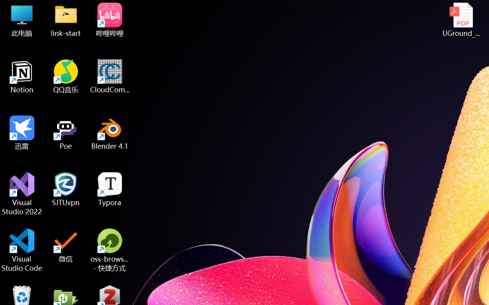 The height and width of the screenshot is (305, 489). What do you see at coordinates (110, 189) in the screenshot?
I see `'Typora'` at bounding box center [110, 189].